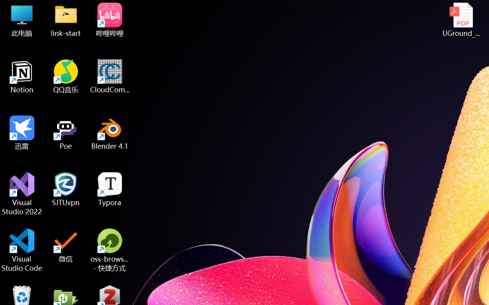 The height and width of the screenshot is (305, 489). What do you see at coordinates (110, 189) in the screenshot?
I see `'Typora'` at bounding box center [110, 189].